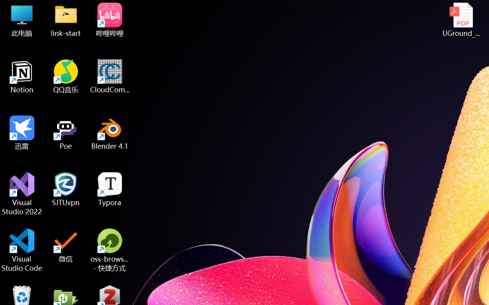 The height and width of the screenshot is (305, 489). What do you see at coordinates (110, 189) in the screenshot?
I see `'Typora'` at bounding box center [110, 189].